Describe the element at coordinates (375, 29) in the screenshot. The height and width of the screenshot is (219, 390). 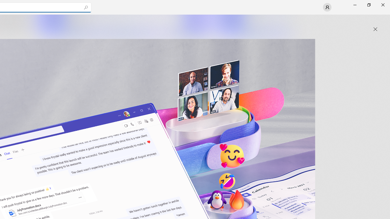
I see `'close popup window'` at that location.